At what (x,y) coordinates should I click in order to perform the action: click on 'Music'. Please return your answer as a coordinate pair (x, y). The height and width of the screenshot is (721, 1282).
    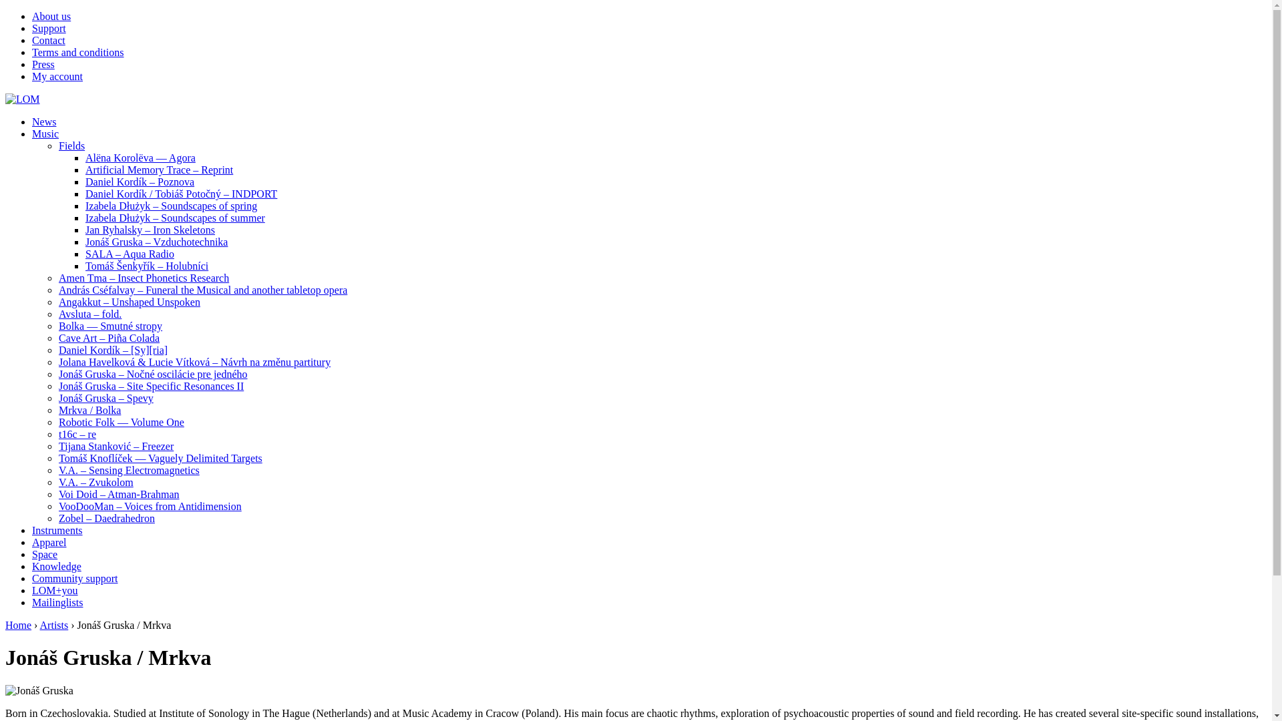
    Looking at the image, I should click on (45, 134).